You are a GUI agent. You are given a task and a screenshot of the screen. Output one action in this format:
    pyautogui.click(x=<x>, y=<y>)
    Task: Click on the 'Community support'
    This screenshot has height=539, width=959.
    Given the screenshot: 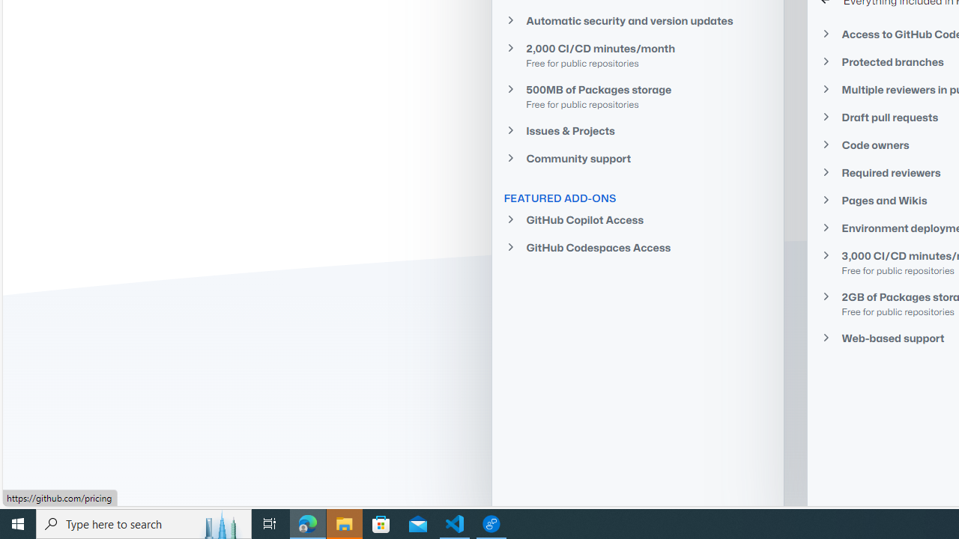 What is the action you would take?
    pyautogui.click(x=638, y=159)
    